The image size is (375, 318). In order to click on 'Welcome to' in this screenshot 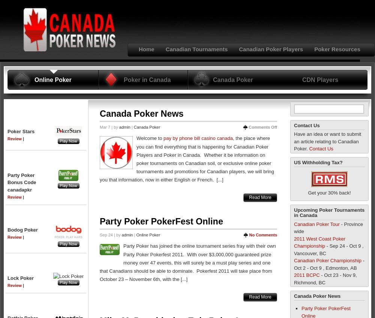, I will do `click(150, 138)`.